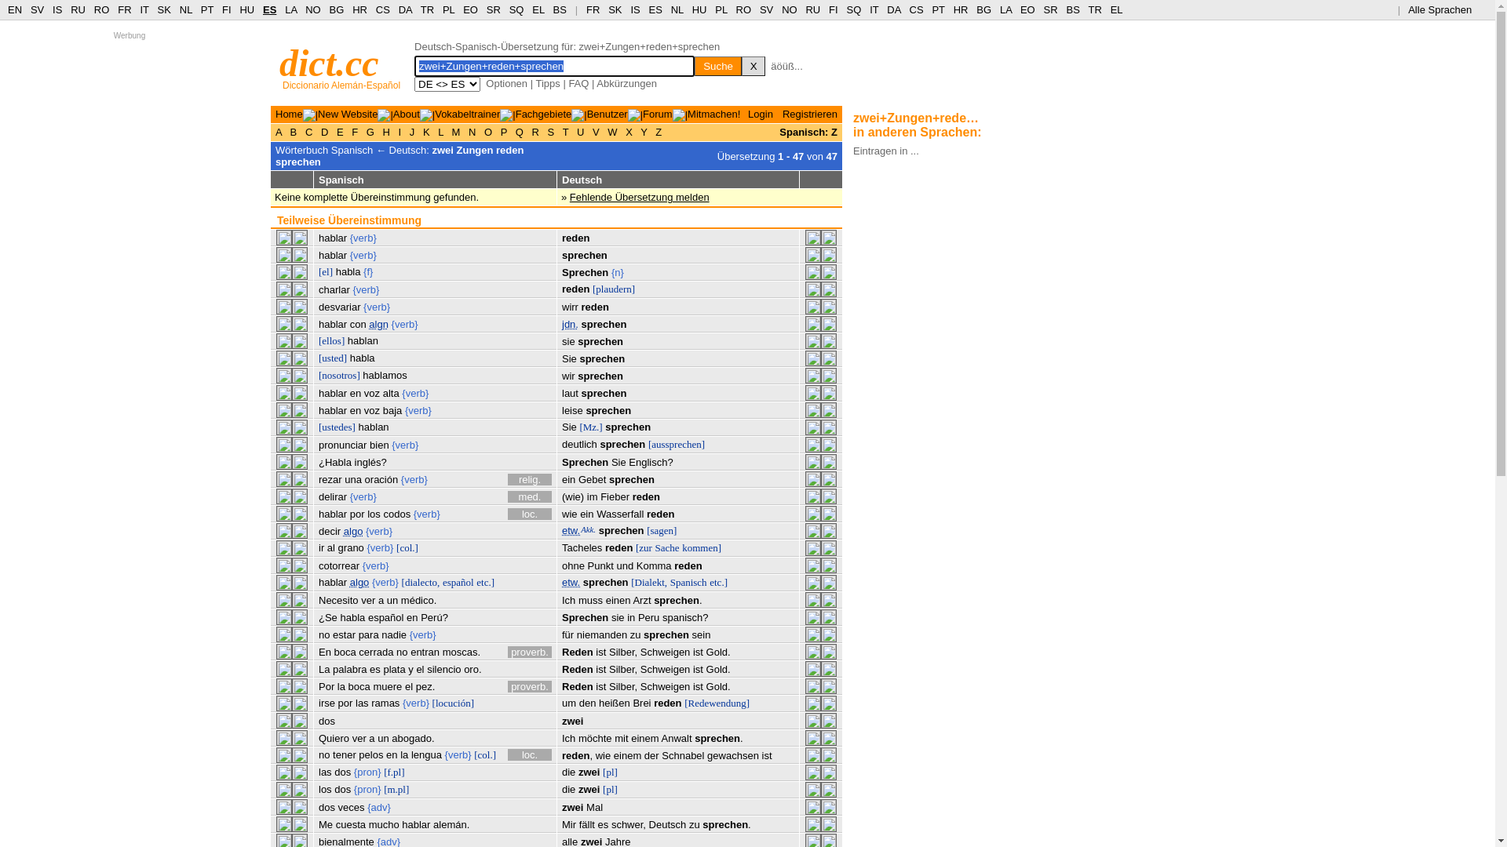 This screenshot has width=1507, height=847. What do you see at coordinates (530, 478) in the screenshot?
I see `'relig.'` at bounding box center [530, 478].